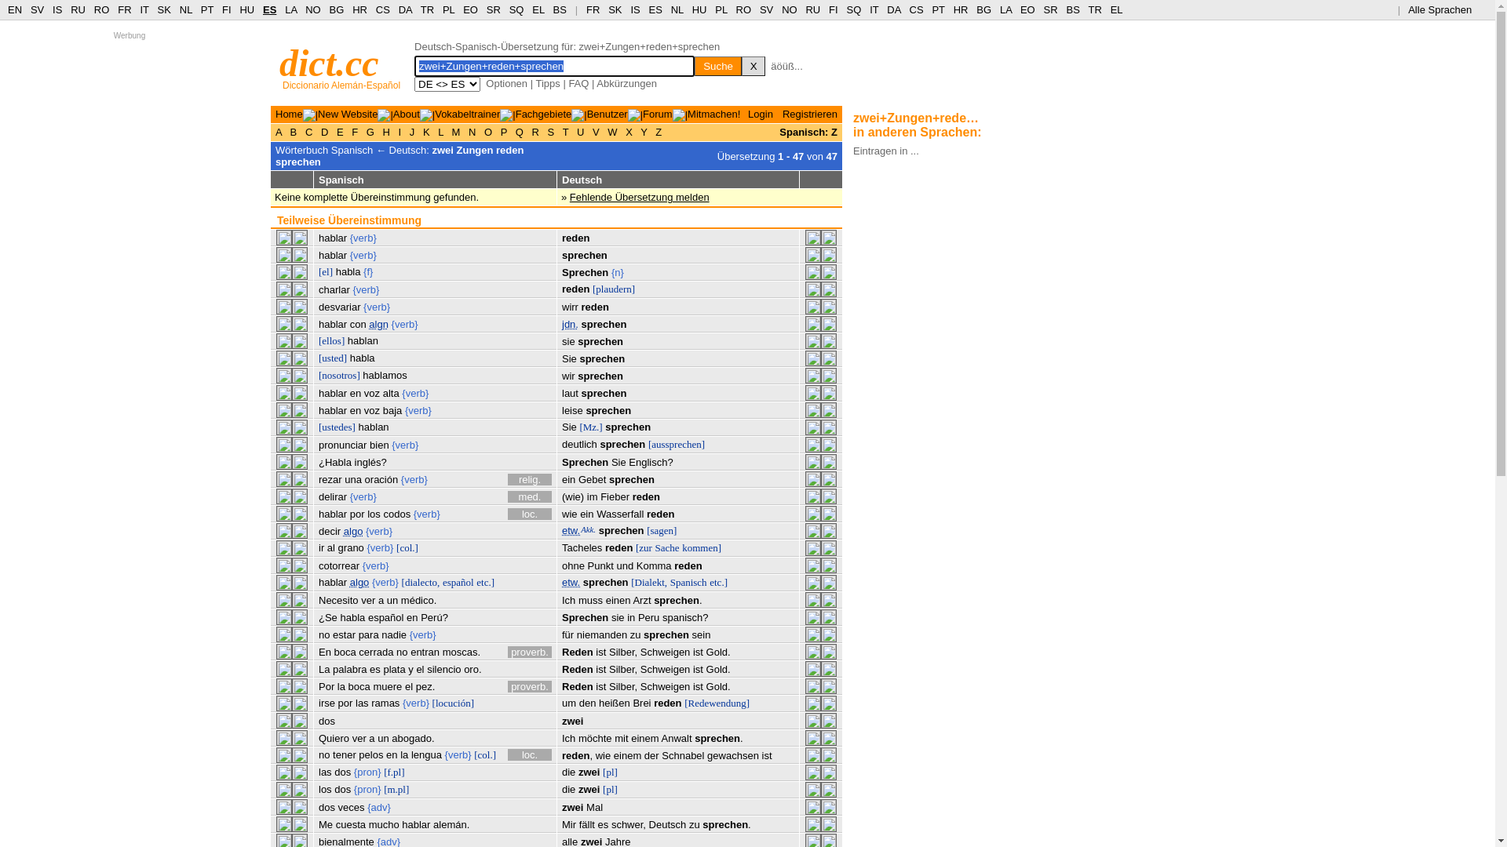 This screenshot has width=1507, height=847. What do you see at coordinates (530, 478) in the screenshot?
I see `'relig.'` at bounding box center [530, 478].